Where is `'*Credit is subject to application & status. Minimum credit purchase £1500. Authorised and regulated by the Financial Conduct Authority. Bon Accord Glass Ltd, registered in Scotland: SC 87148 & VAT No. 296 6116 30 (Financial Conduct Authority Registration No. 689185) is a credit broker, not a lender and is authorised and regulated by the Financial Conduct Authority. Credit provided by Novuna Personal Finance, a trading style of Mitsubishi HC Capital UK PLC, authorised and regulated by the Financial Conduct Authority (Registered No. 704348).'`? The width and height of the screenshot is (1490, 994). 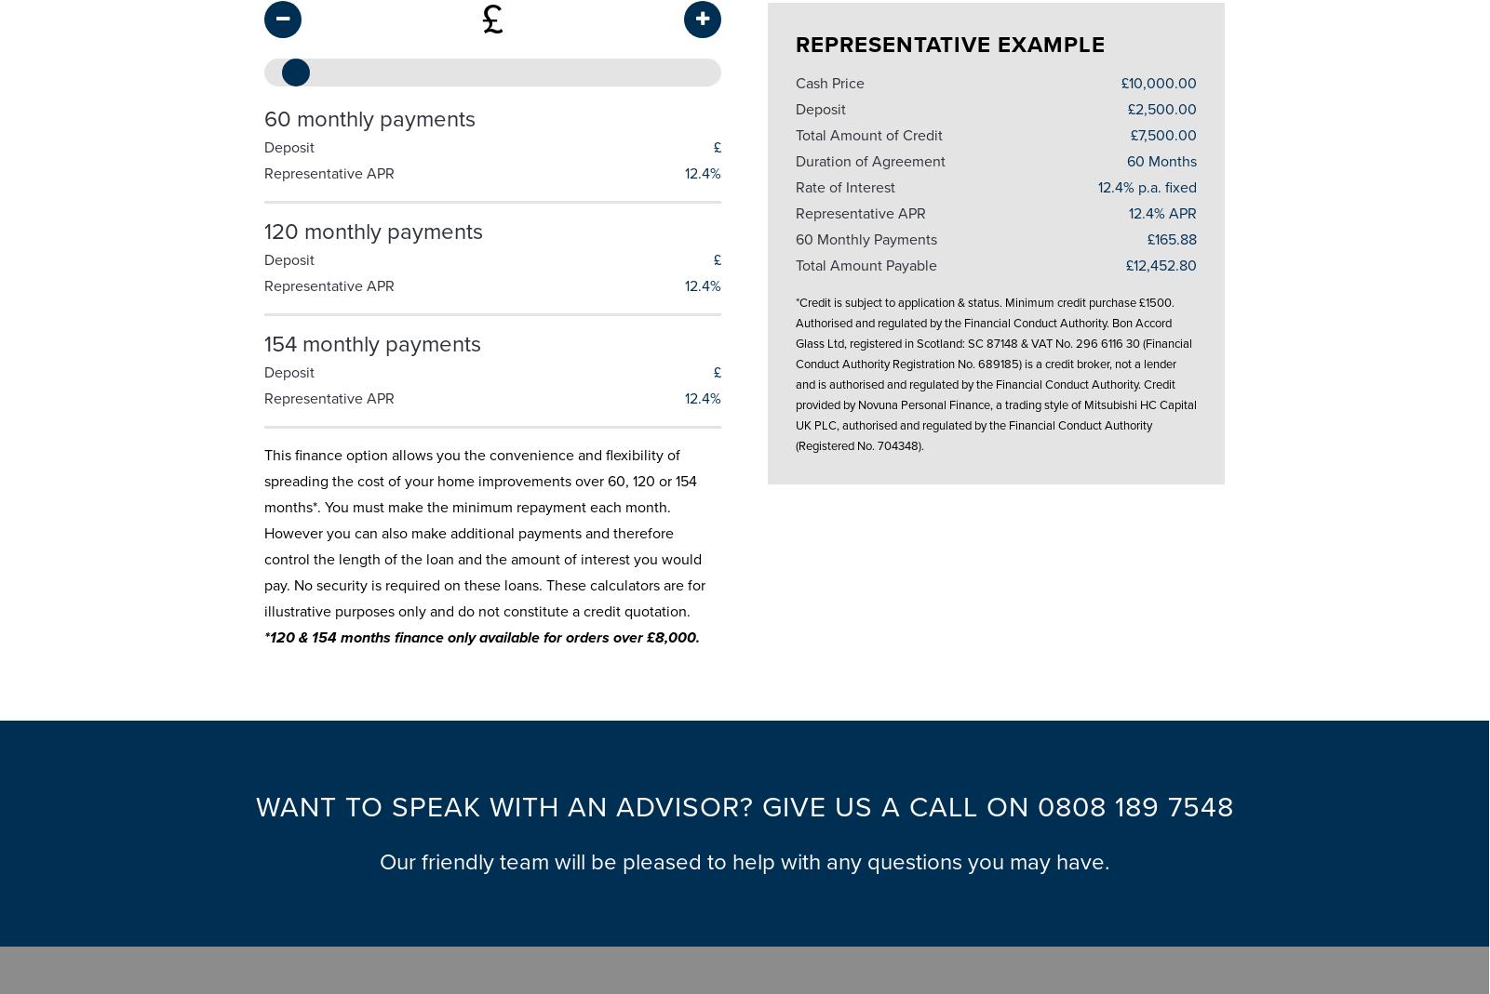
'*Credit is subject to application & status. Minimum credit purchase £1500. Authorised and regulated by the Financial Conduct Authority. Bon Accord Glass Ltd, registered in Scotland: SC 87148 & VAT No. 296 6116 30 (Financial Conduct Authority Registration No. 689185) is a credit broker, not a lender and is authorised and regulated by the Financial Conduct Authority. Credit provided by Novuna Personal Finance, a trading style of Mitsubishi HC Capital UK PLC, authorised and regulated by the Financial Conduct Authority (Registered No. 704348).' is located at coordinates (994, 366).